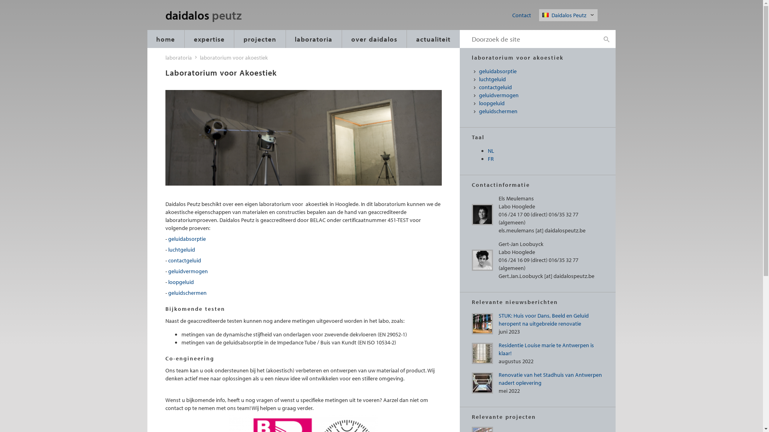 The height and width of the screenshot is (432, 769). I want to click on 'projecten', so click(260, 39).